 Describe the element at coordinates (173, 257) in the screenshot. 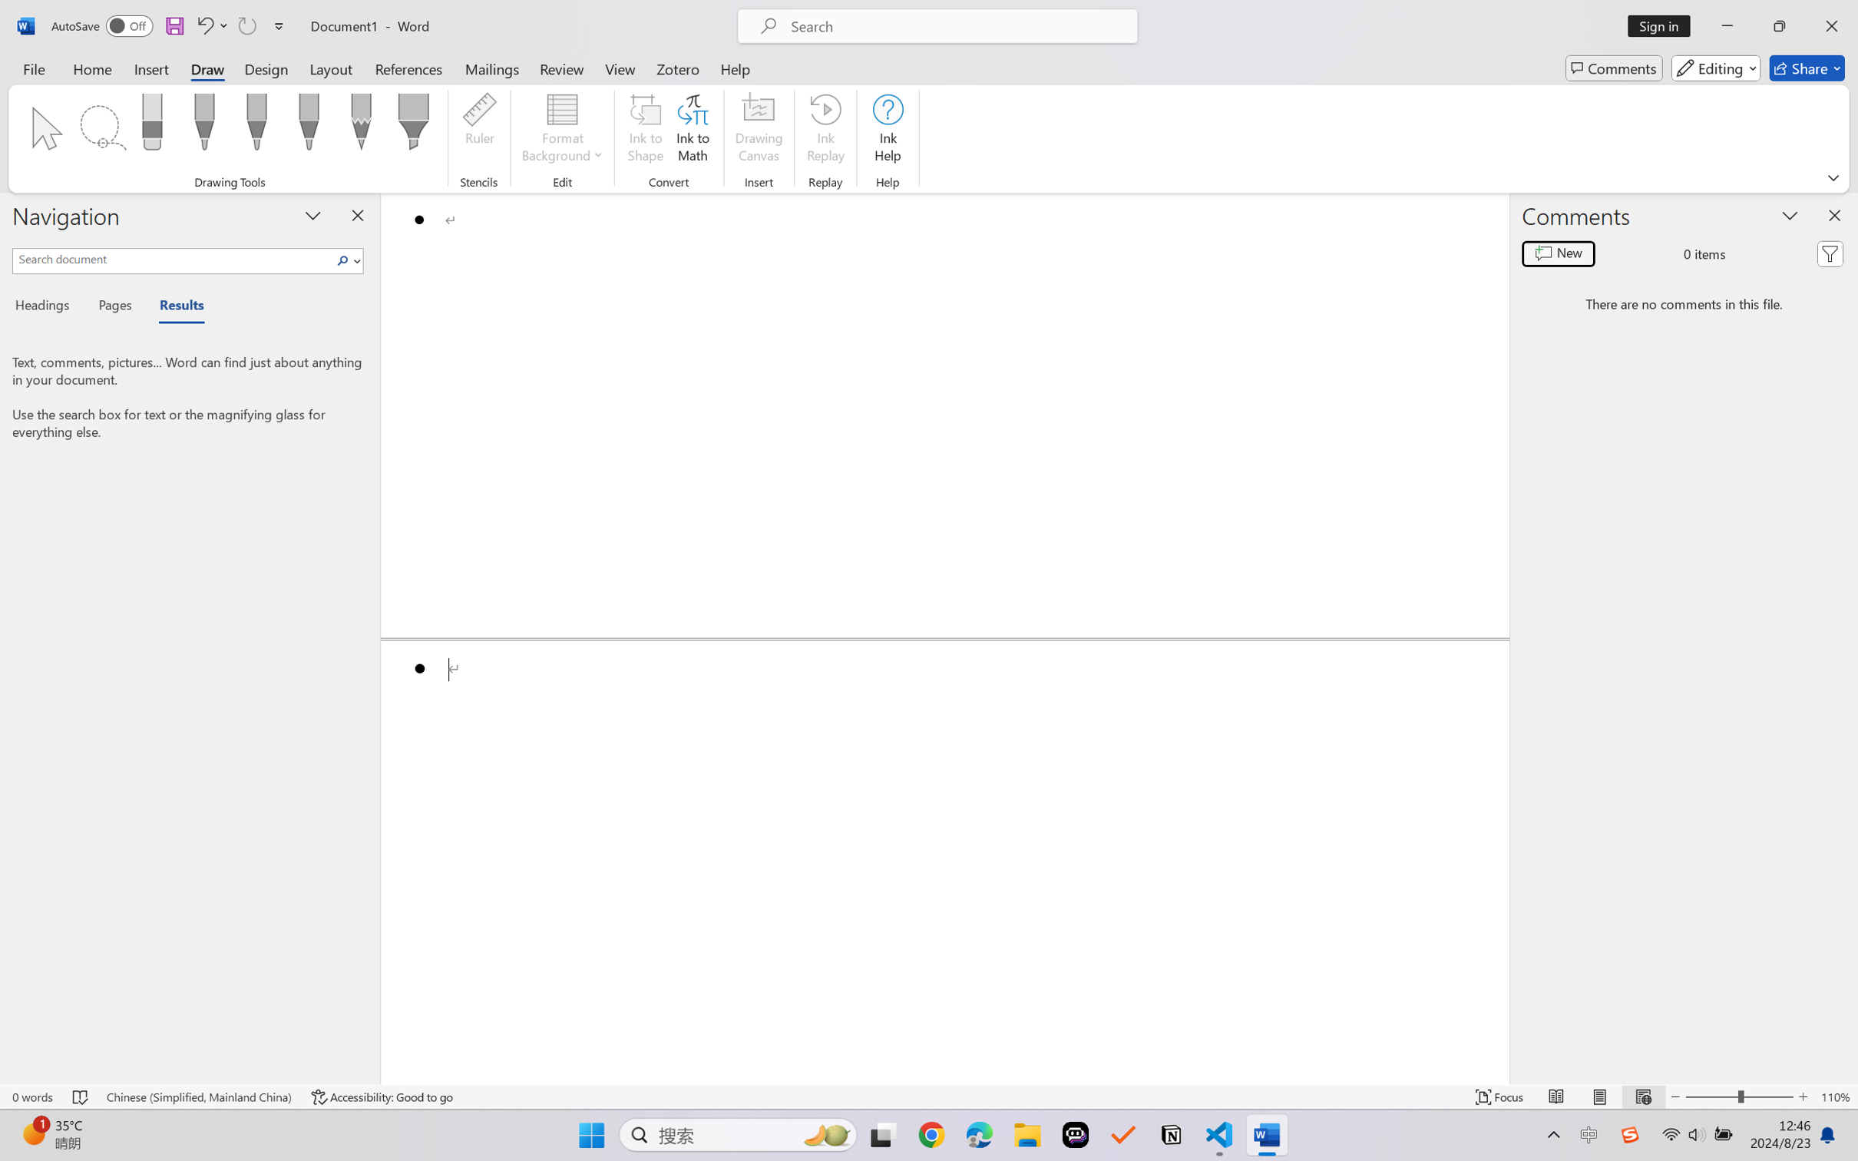

I see `'Search document'` at that location.